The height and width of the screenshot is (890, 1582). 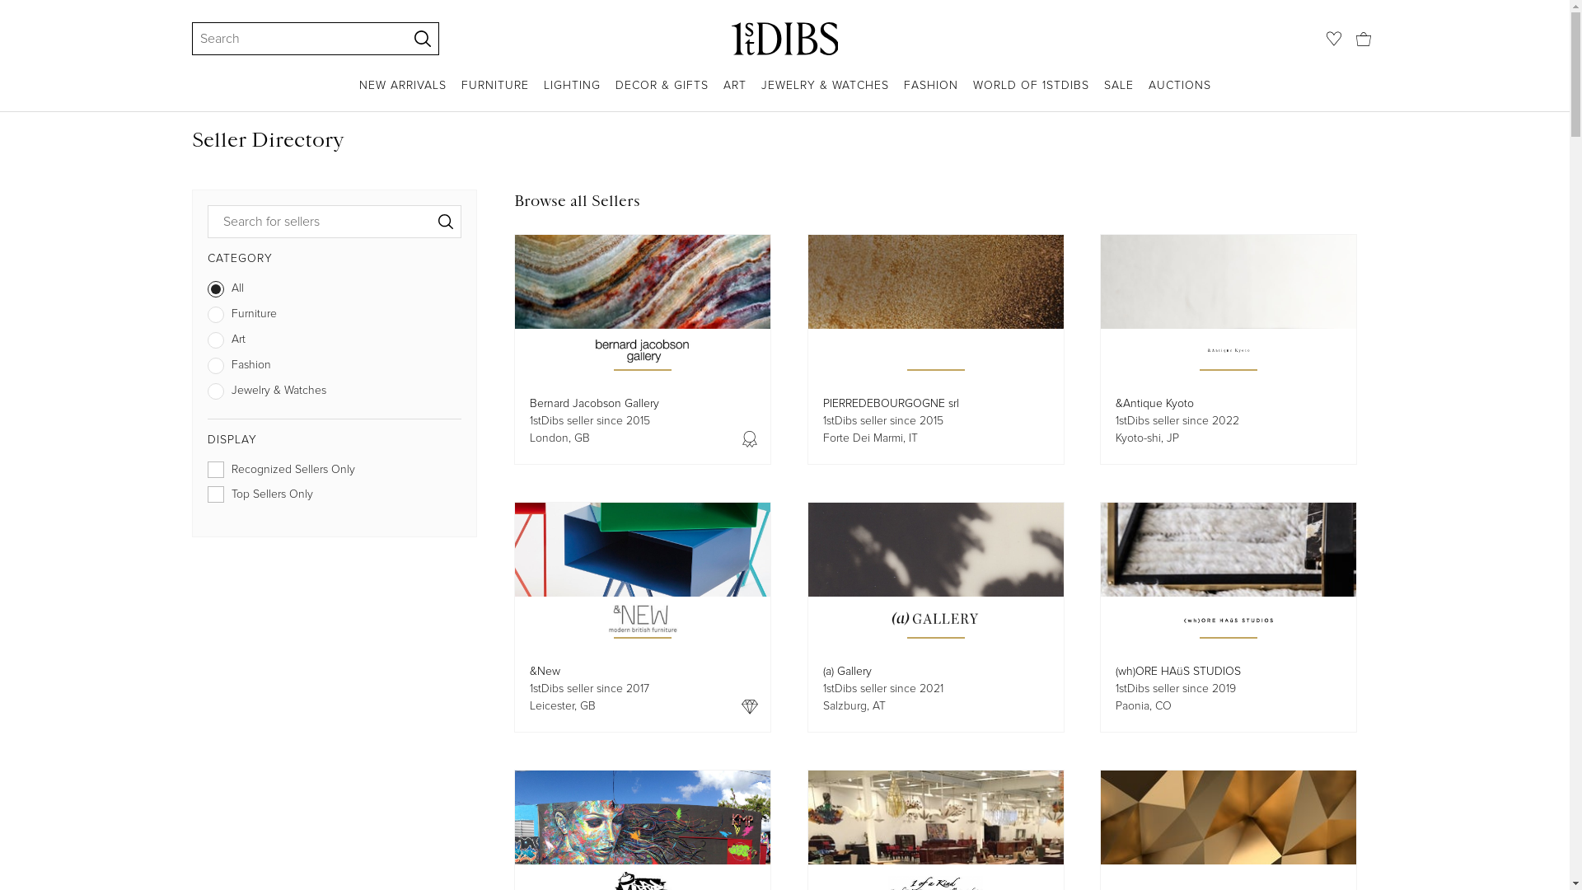 What do you see at coordinates (334, 368) in the screenshot?
I see `'Fashion'` at bounding box center [334, 368].